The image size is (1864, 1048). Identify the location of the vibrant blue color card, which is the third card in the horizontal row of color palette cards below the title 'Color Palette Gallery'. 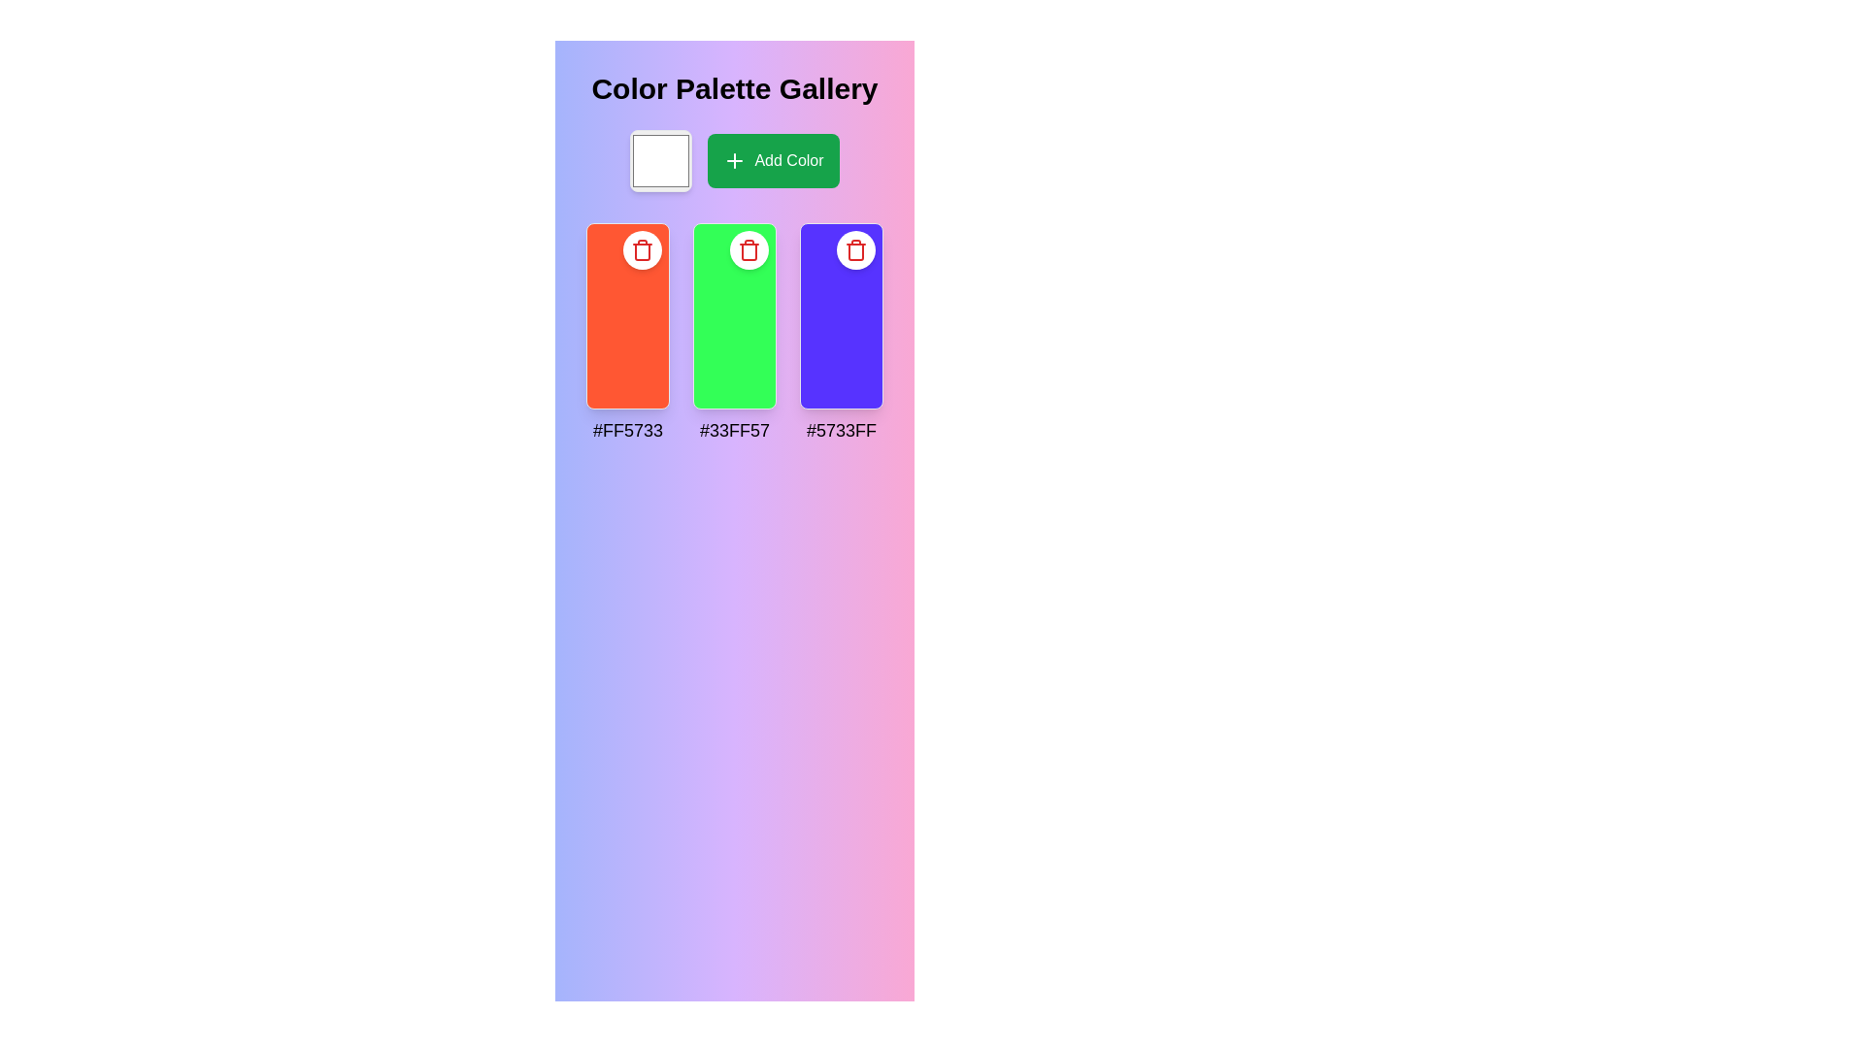
(842, 315).